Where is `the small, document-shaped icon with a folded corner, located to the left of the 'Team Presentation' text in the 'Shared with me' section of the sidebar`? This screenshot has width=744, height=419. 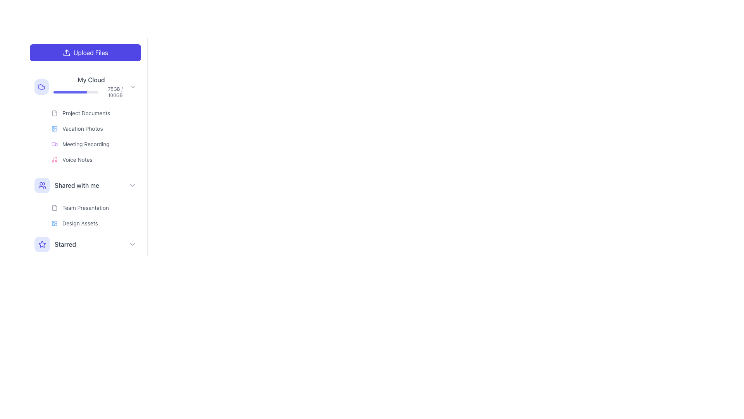
the small, document-shaped icon with a folded corner, located to the left of the 'Team Presentation' text in the 'Shared with me' section of the sidebar is located at coordinates (54, 208).